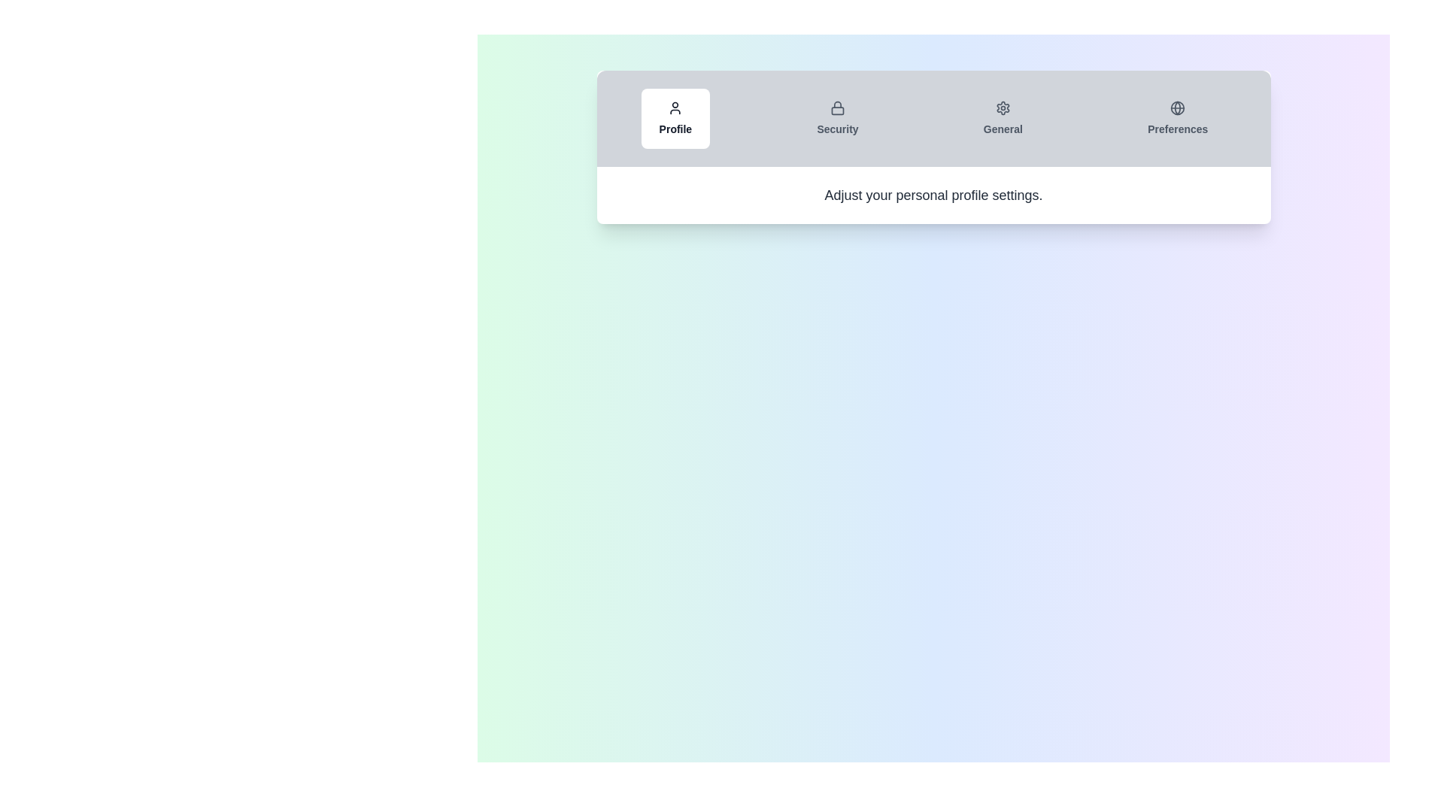 This screenshot has width=1444, height=812. Describe the element at coordinates (1003, 118) in the screenshot. I see `the General tab to view its content` at that location.